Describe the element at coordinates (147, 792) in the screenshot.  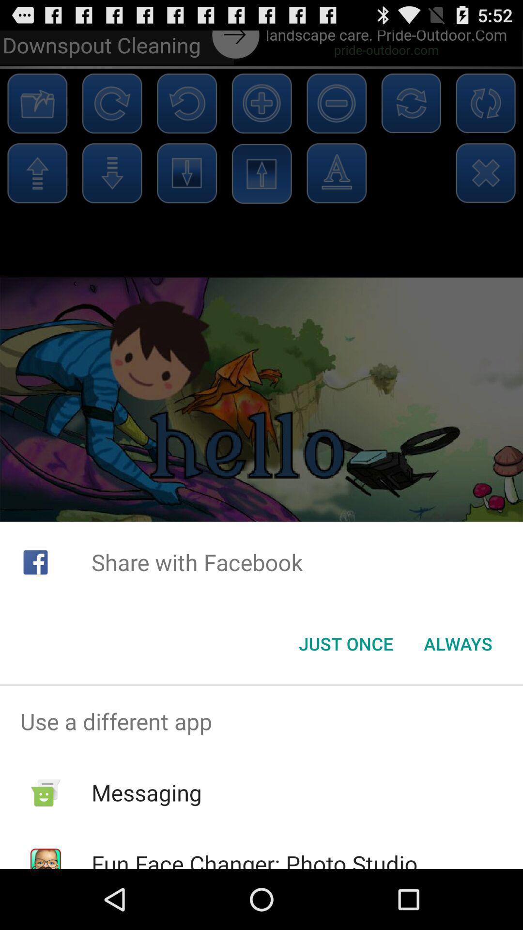
I see `the messaging app` at that location.